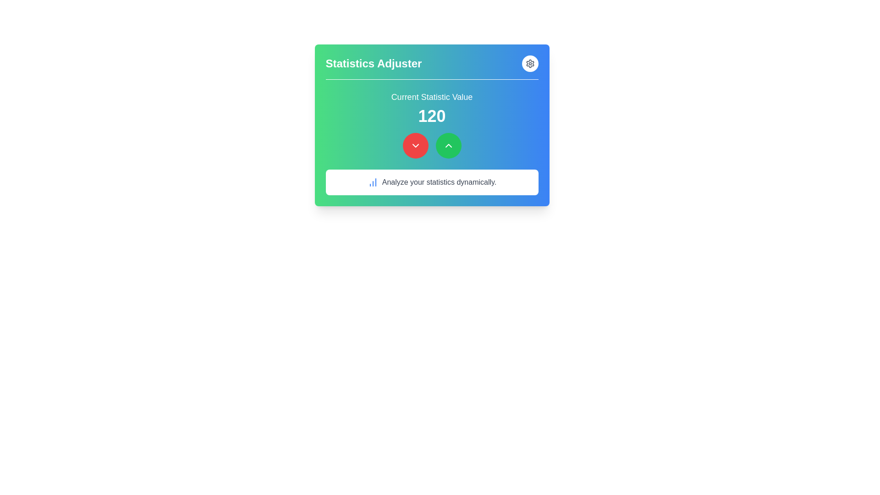  Describe the element at coordinates (530, 63) in the screenshot. I see `the settings toggle button located at the top-right corner of the 'Statistics Adjuster' card` at that location.